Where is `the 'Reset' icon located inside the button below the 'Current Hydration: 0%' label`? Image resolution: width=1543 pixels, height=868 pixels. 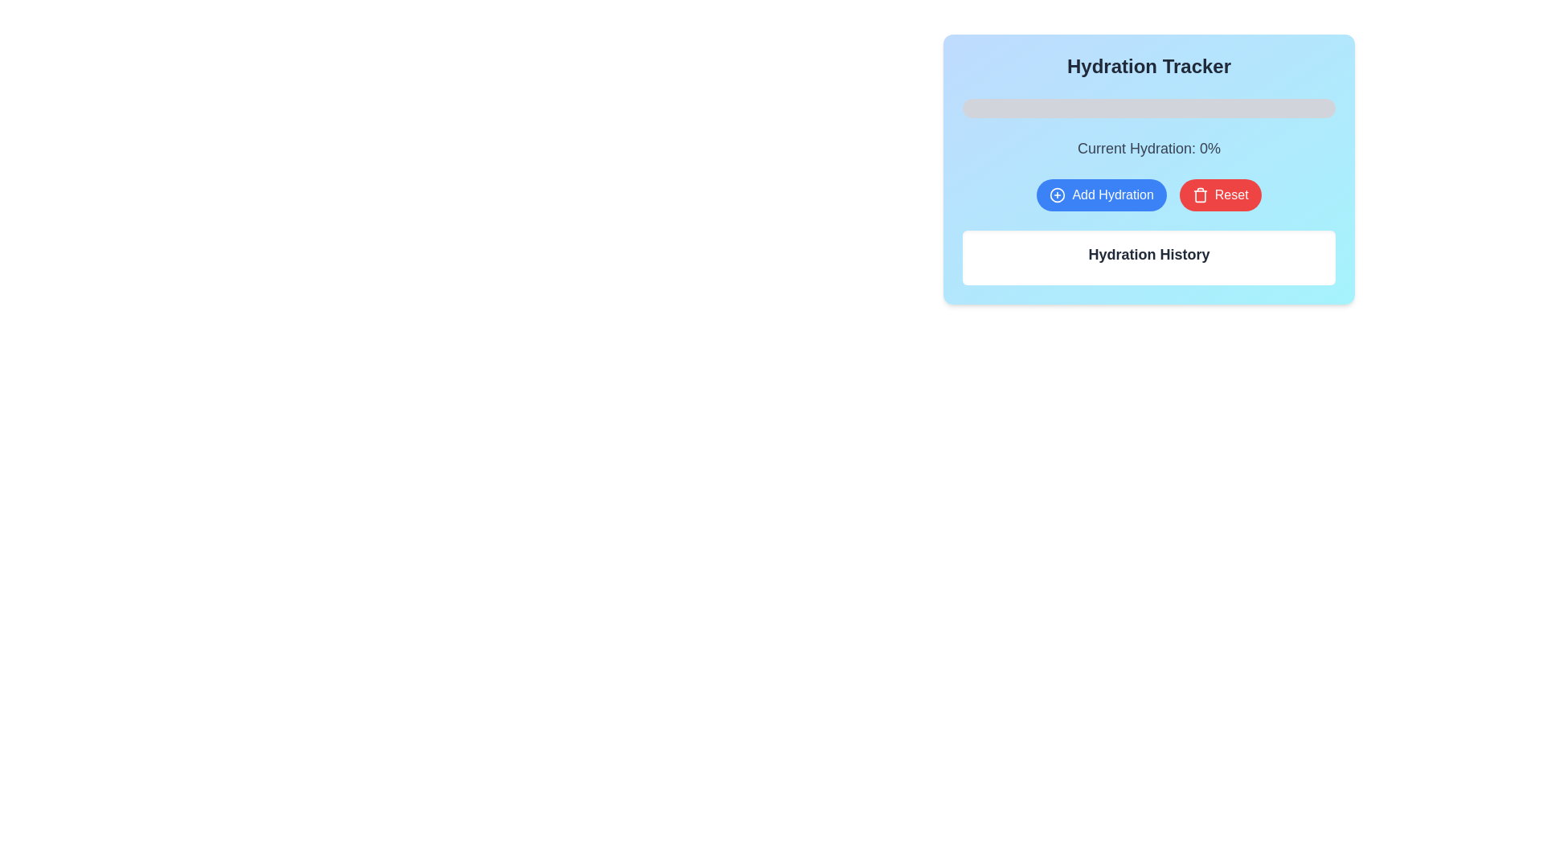 the 'Reset' icon located inside the button below the 'Current Hydration: 0%' label is located at coordinates (1200, 194).